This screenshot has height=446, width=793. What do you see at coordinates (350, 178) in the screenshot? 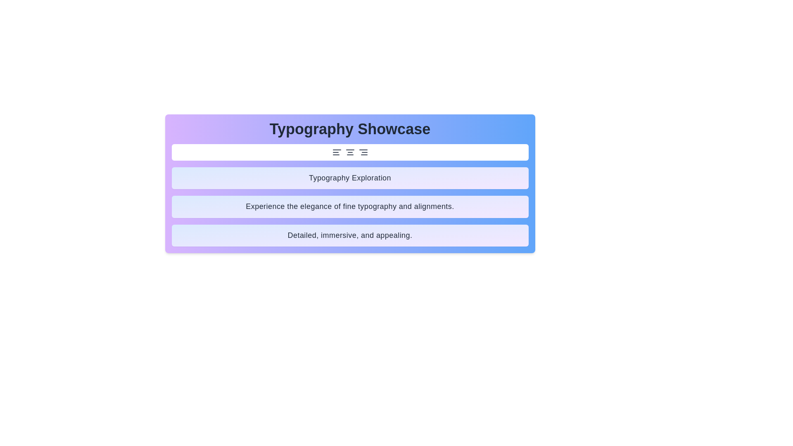
I see `the text block displaying 'Typography Exploration' with a gradient background from soft blue to light purple` at bounding box center [350, 178].